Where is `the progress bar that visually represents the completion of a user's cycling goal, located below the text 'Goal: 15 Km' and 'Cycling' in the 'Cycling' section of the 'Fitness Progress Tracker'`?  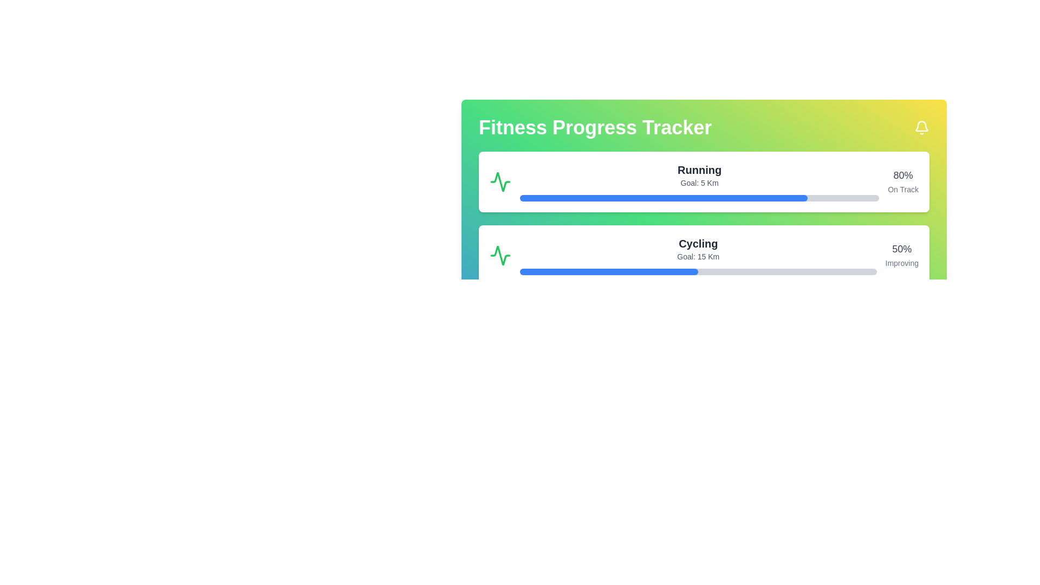
the progress bar that visually represents the completion of a user's cycling goal, located below the text 'Goal: 15 Km' and 'Cycling' in the 'Cycling' section of the 'Fitness Progress Tracker' is located at coordinates (698, 271).